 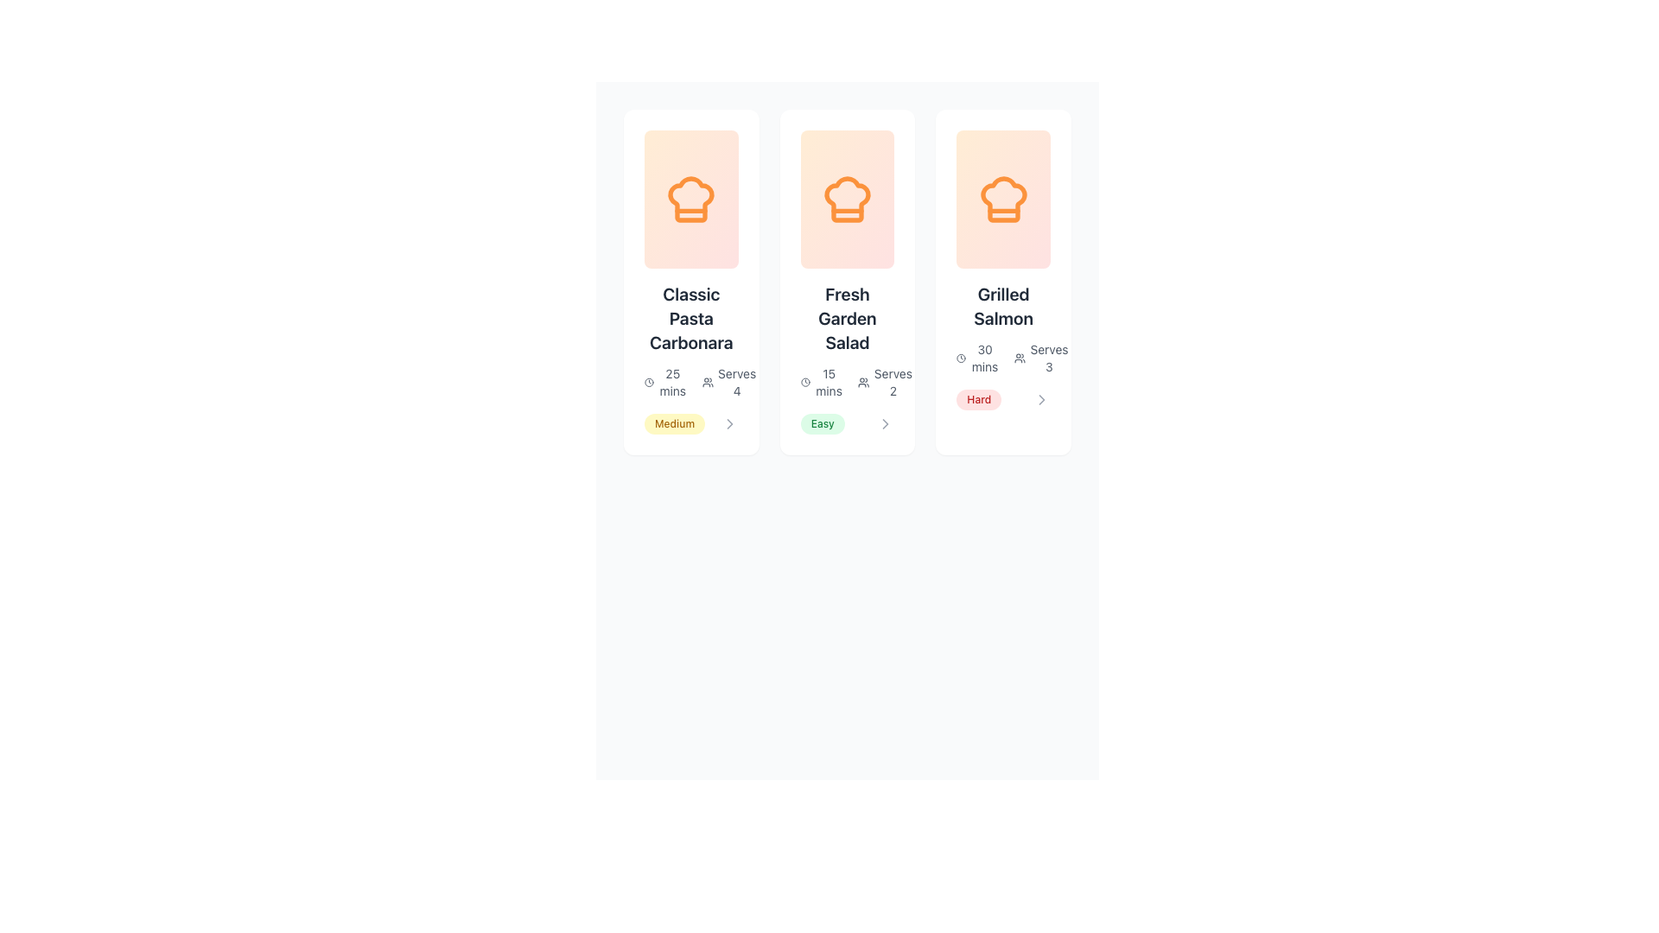 What do you see at coordinates (1003, 282) in the screenshot?
I see `the third card in the recipe overview grid that represents the Grilled Salmon recipe` at bounding box center [1003, 282].